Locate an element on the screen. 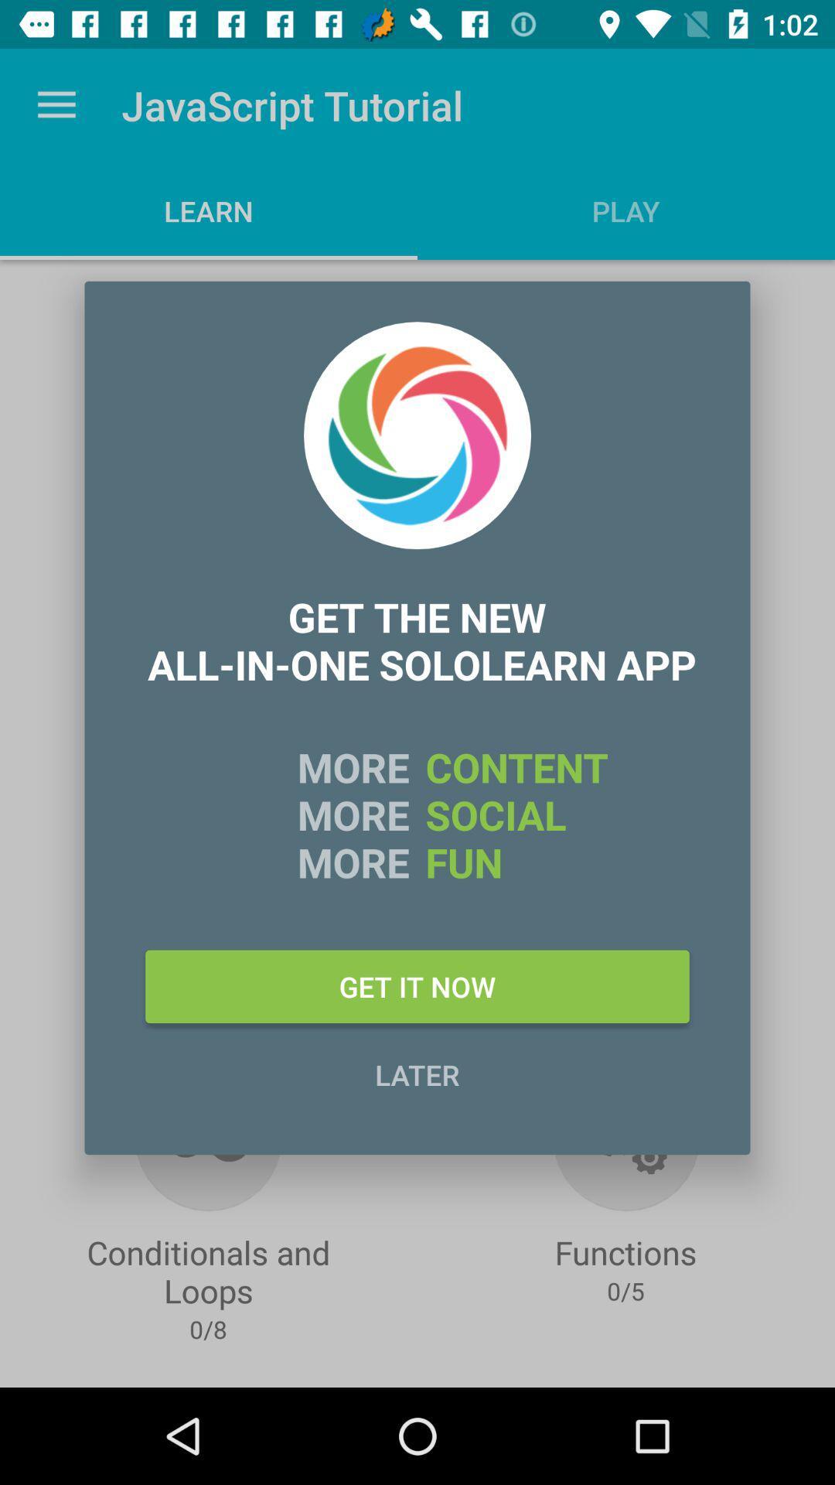 The width and height of the screenshot is (835, 1485). later at the bottom is located at coordinates (417, 1074).